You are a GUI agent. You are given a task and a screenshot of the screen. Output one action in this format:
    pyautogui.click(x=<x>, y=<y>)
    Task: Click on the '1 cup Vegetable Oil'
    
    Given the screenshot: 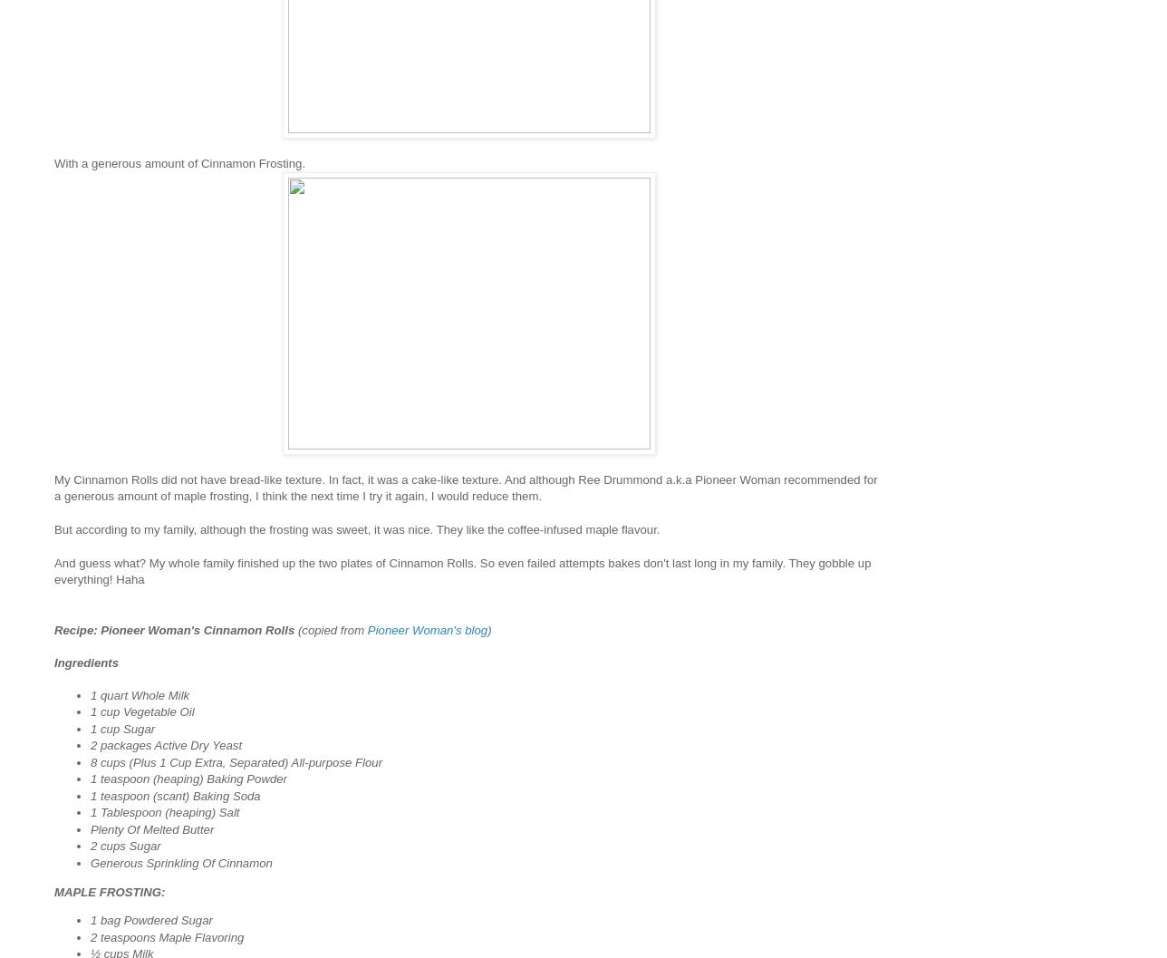 What is the action you would take?
    pyautogui.click(x=90, y=711)
    